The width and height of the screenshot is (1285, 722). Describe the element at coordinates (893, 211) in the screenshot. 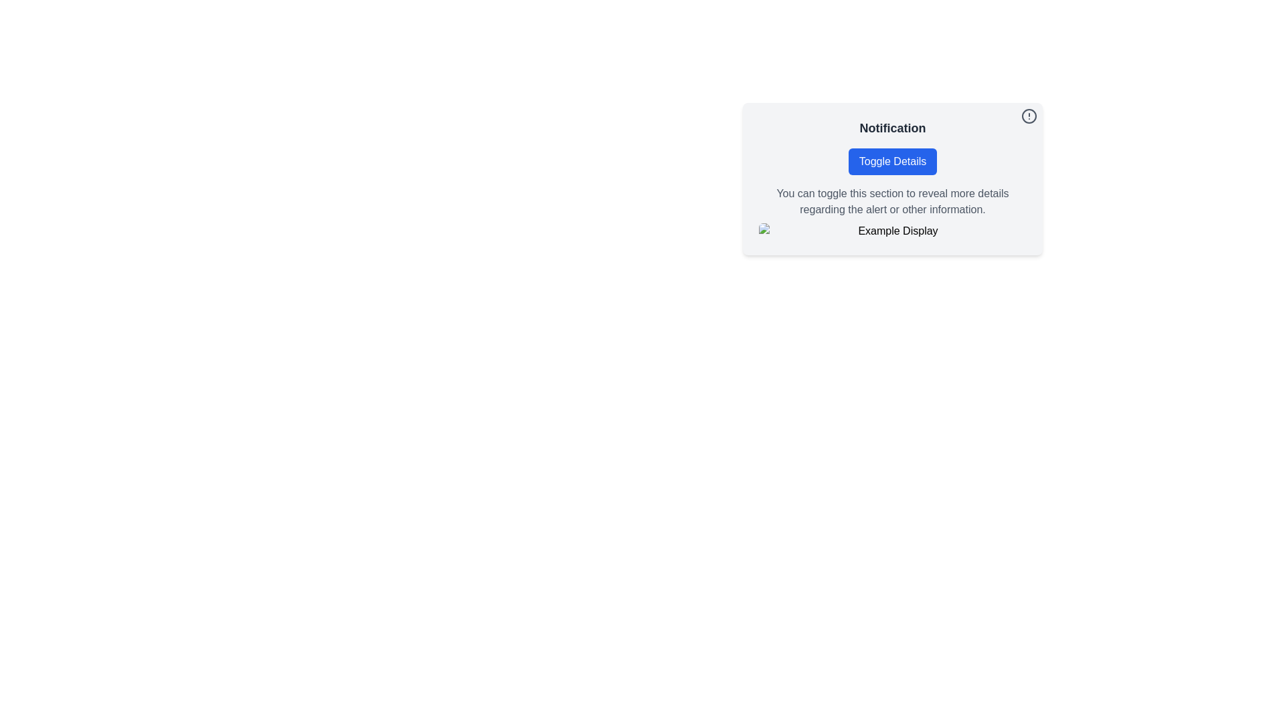

I see `the text block containing the phrase 'You can toggle this section` at that location.